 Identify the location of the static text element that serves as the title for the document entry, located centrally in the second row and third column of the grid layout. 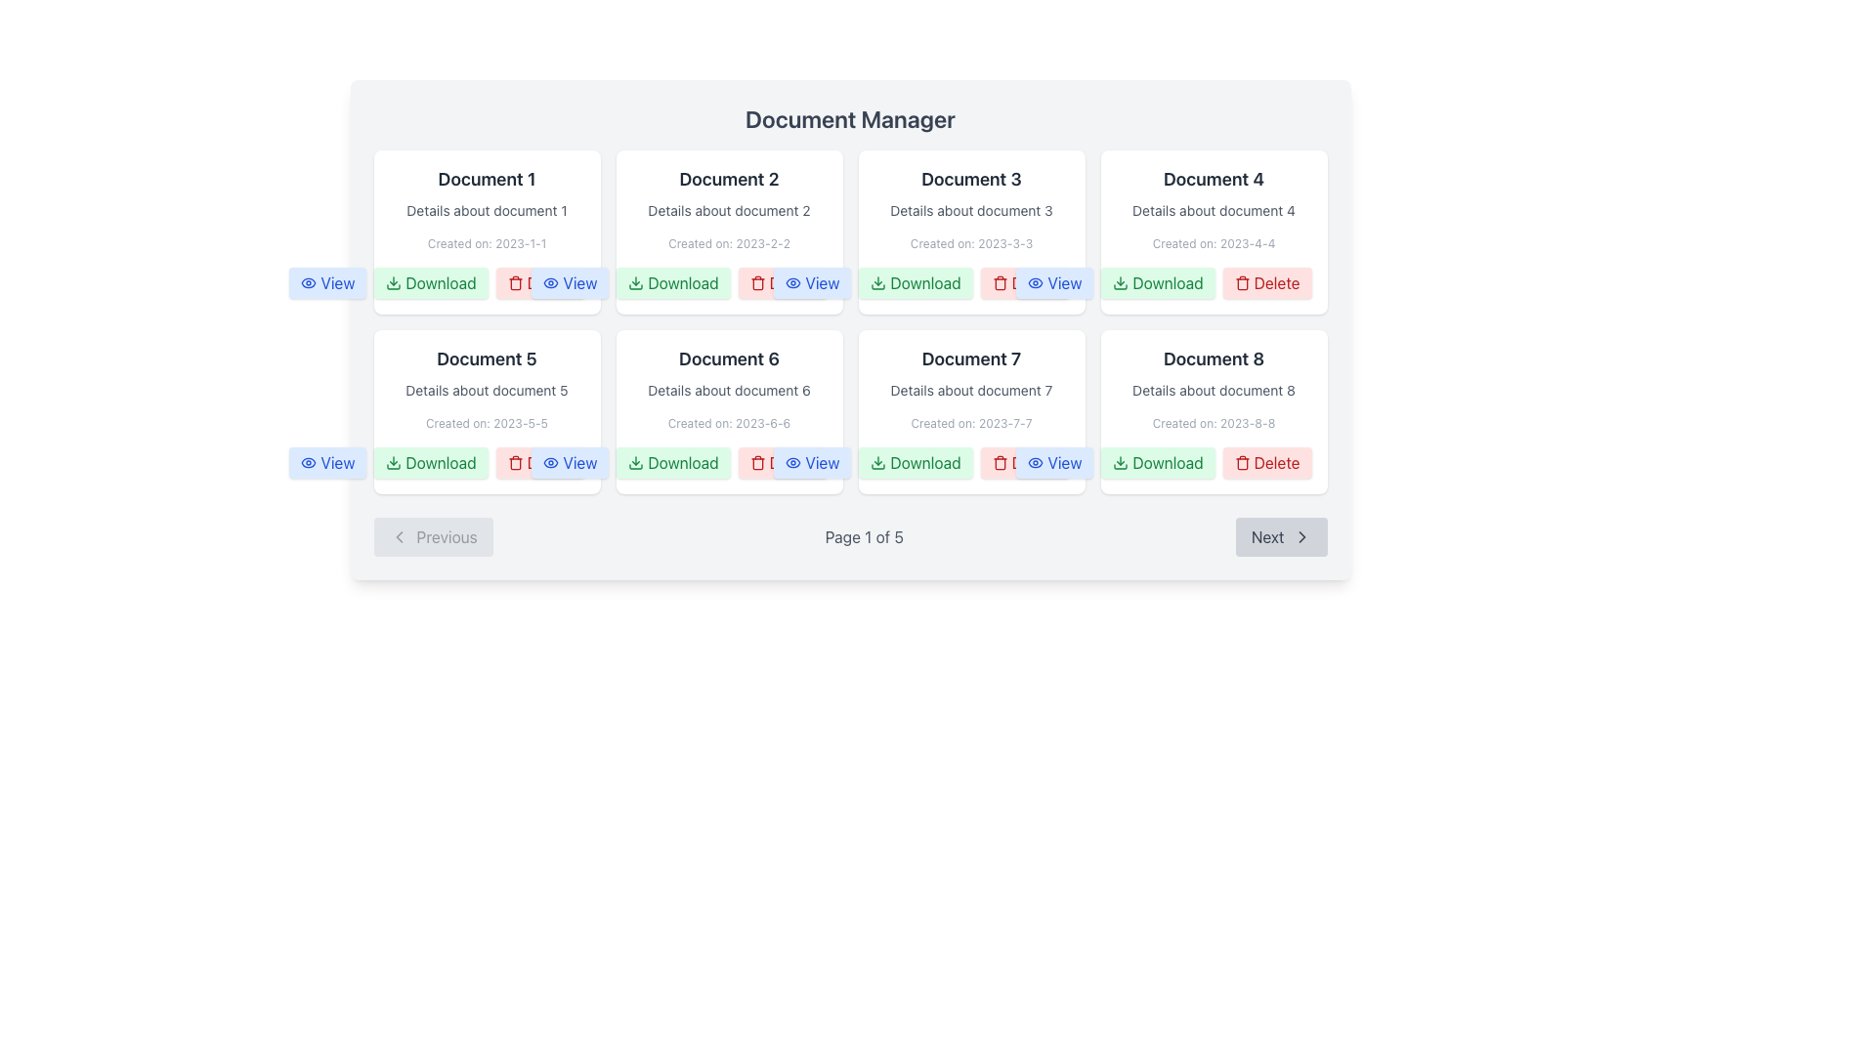
(971, 359).